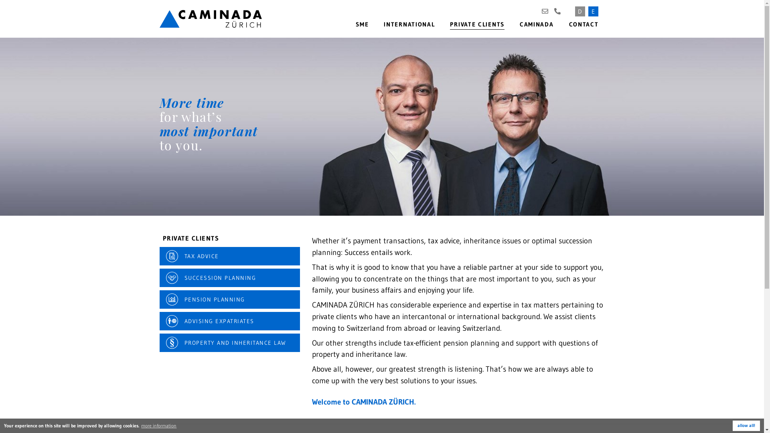  What do you see at coordinates (171, 277) in the screenshot?
I see `'Succession planning'` at bounding box center [171, 277].